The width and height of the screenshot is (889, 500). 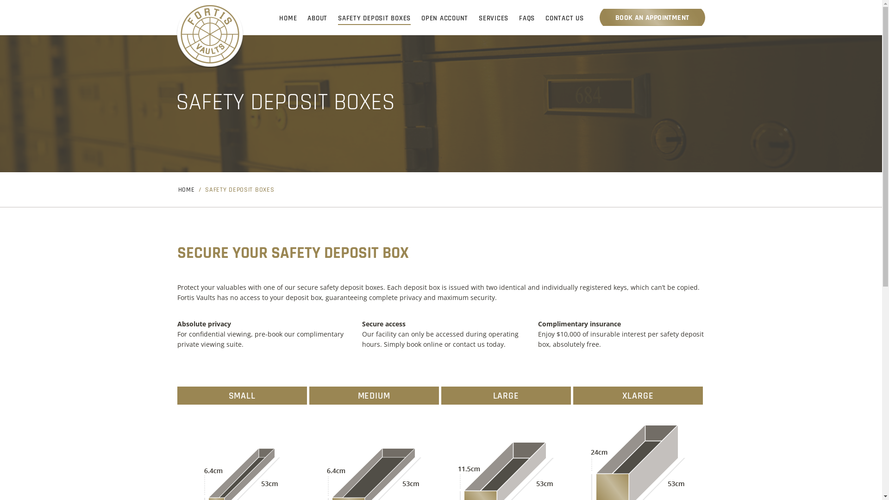 I want to click on 'ABOUT', so click(x=317, y=18).